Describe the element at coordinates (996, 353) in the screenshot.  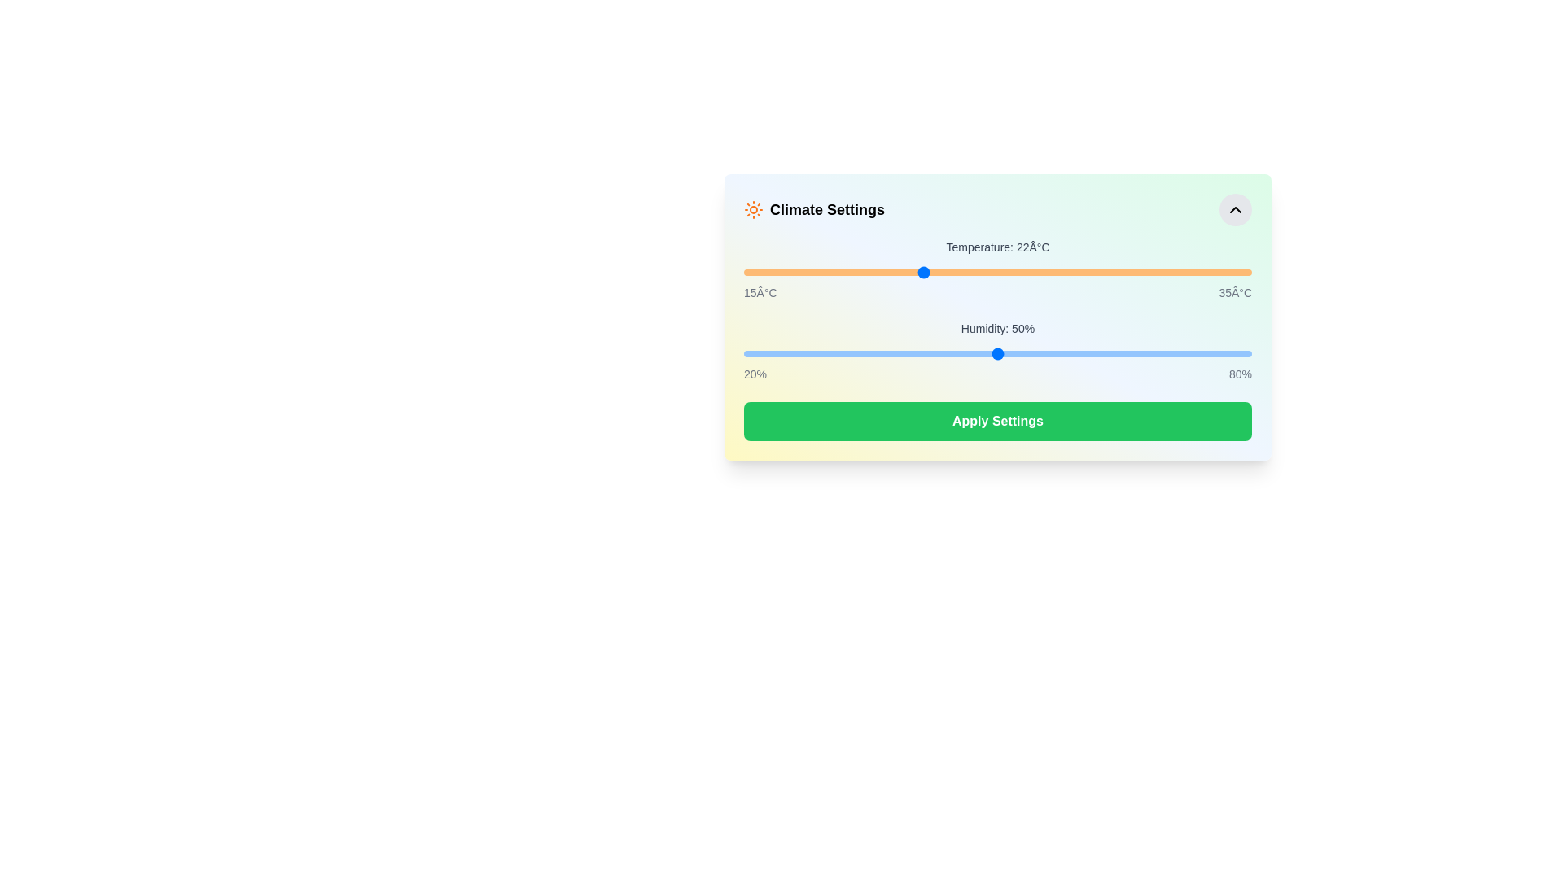
I see `the Range slider, which is a horizontal slider with a blue theme located below the text 'Humidity: 50%' and above the labels '20%' and '80%'` at that location.